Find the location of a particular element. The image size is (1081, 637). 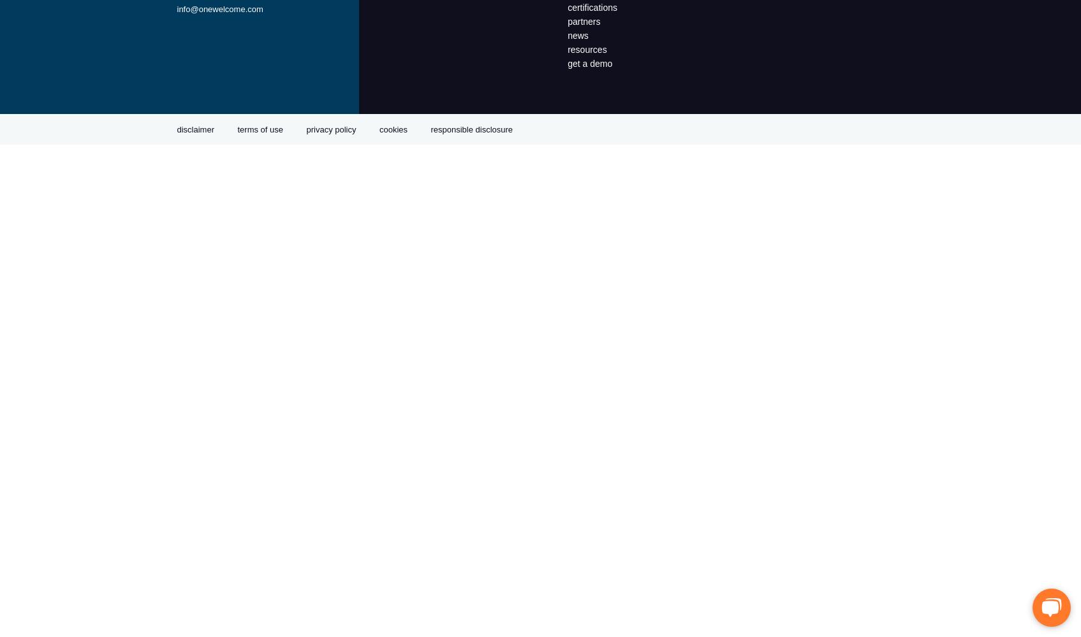

'privacy policy' is located at coordinates (330, 129).